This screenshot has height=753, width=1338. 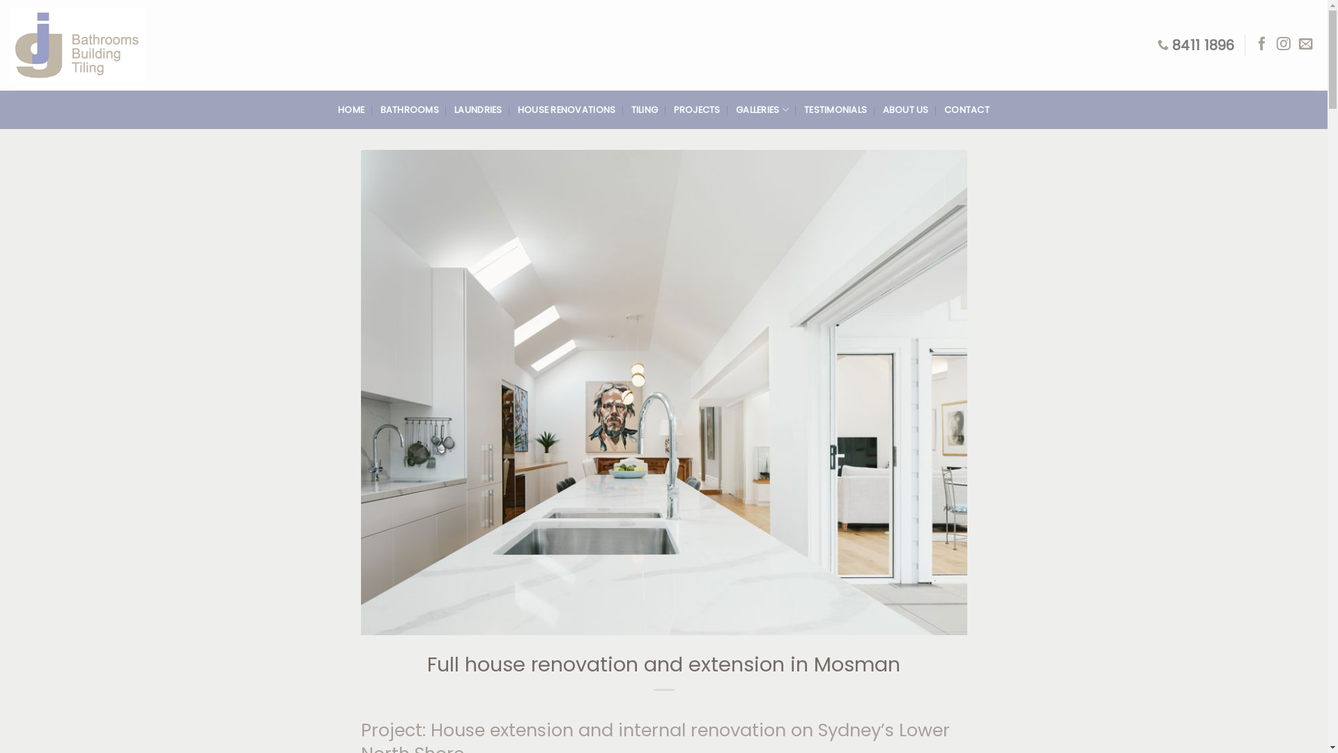 I want to click on '8411 1896', so click(x=1195, y=44).